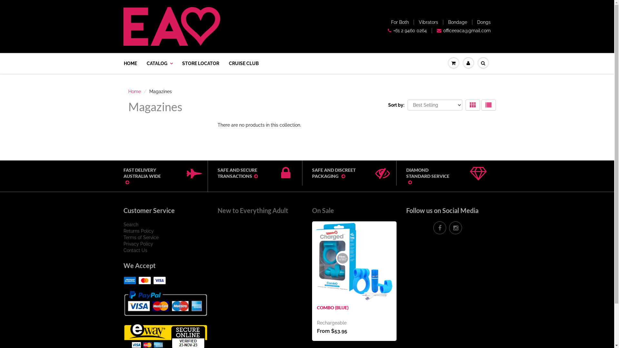  Describe the element at coordinates (428, 22) in the screenshot. I see `'Vibrators'` at that location.